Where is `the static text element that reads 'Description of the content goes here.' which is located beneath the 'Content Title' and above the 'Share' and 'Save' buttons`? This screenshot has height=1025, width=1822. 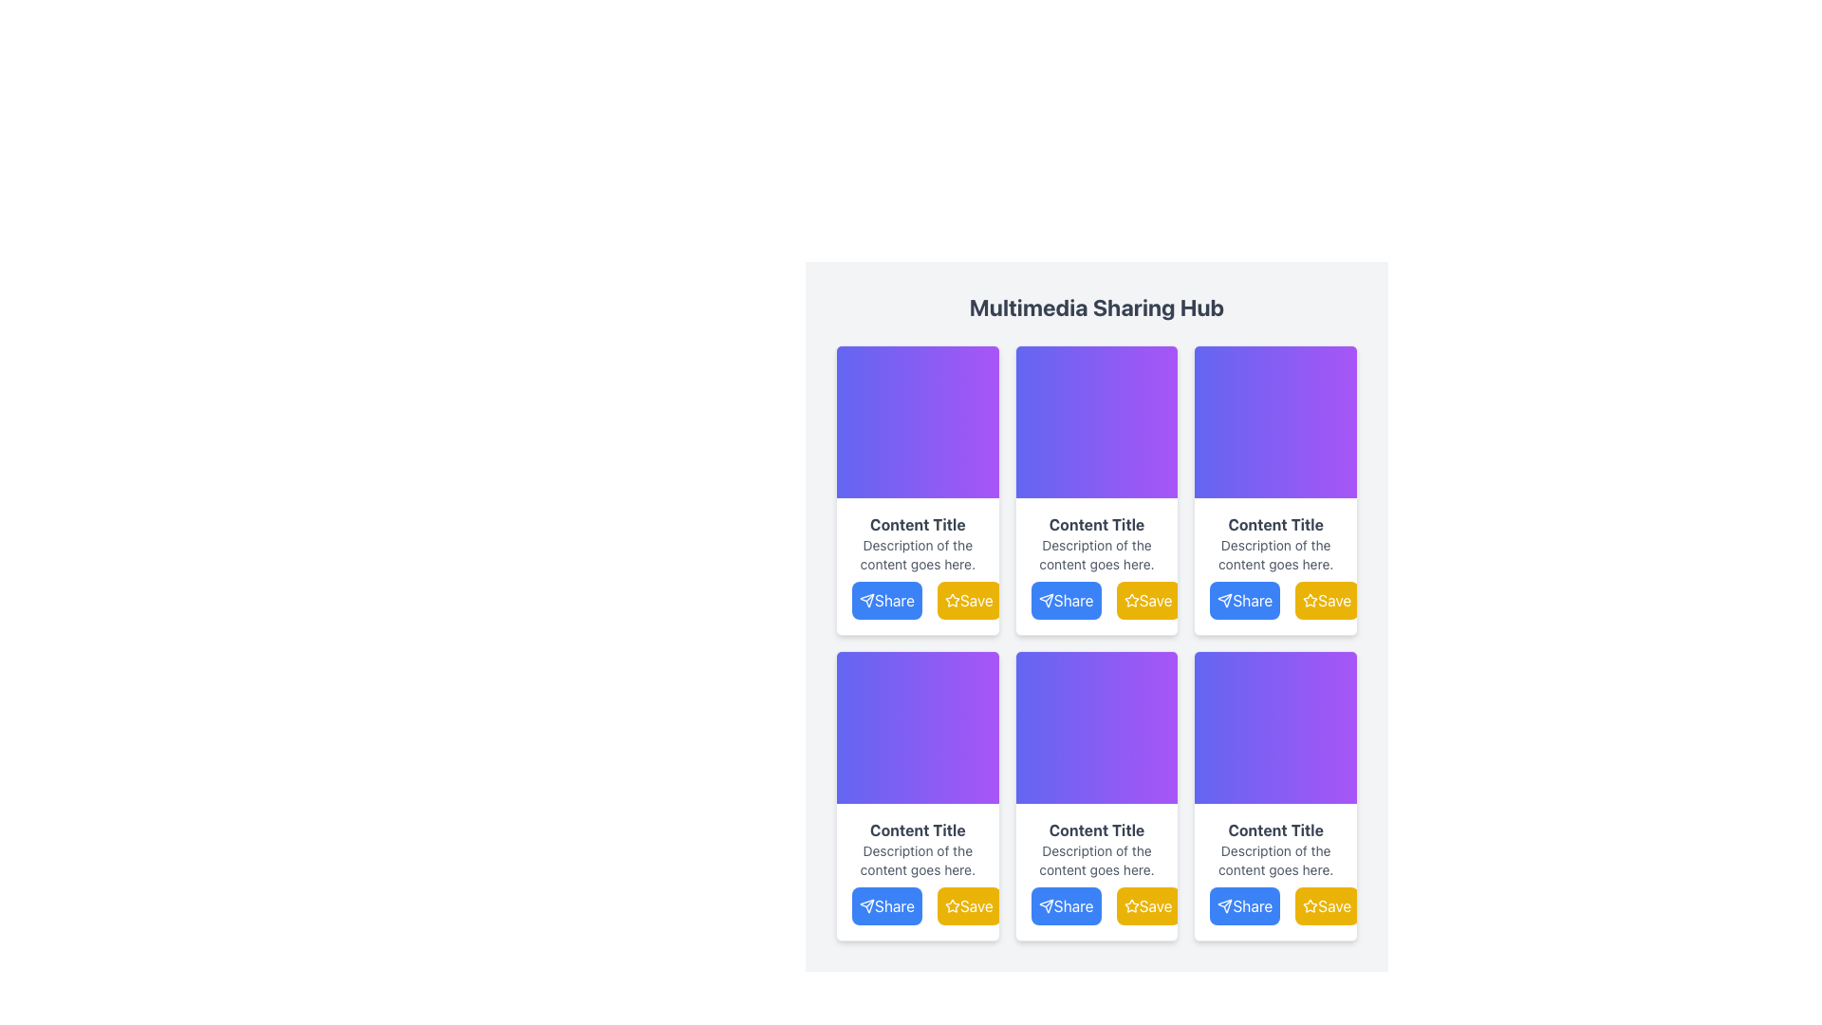 the static text element that reads 'Description of the content goes here.' which is located beneath the 'Content Title' and above the 'Share' and 'Save' buttons is located at coordinates (1275, 860).